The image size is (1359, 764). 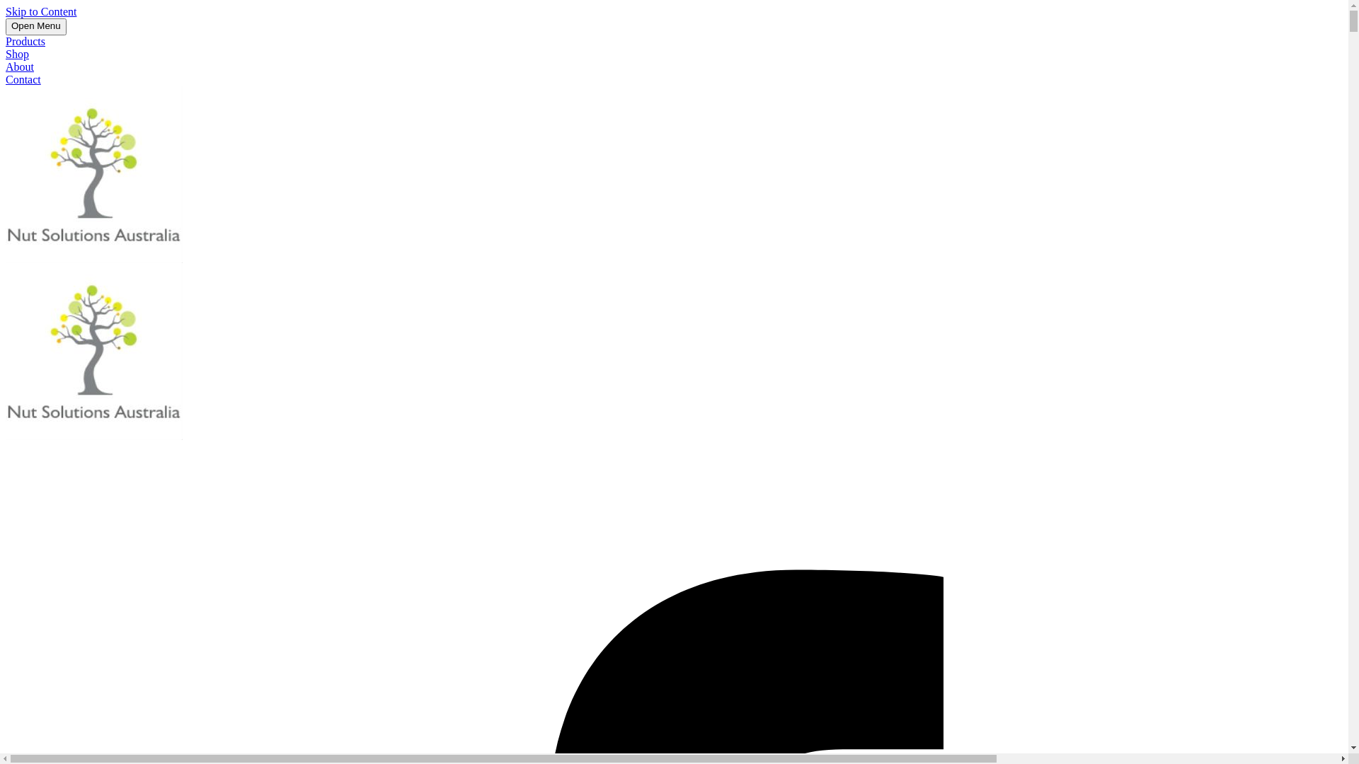 I want to click on 'Shop', so click(x=17, y=53).